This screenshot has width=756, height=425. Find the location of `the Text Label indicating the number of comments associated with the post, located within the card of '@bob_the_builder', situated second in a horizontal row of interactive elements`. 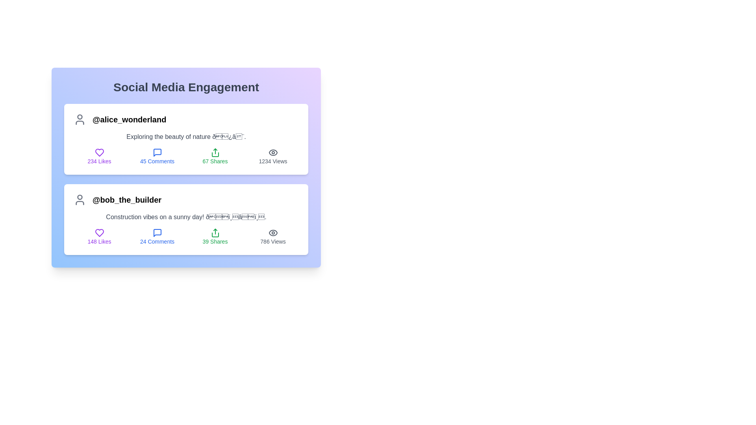

the Text Label indicating the number of comments associated with the post, located within the card of '@bob_the_builder', situated second in a horizontal row of interactive elements is located at coordinates (157, 241).